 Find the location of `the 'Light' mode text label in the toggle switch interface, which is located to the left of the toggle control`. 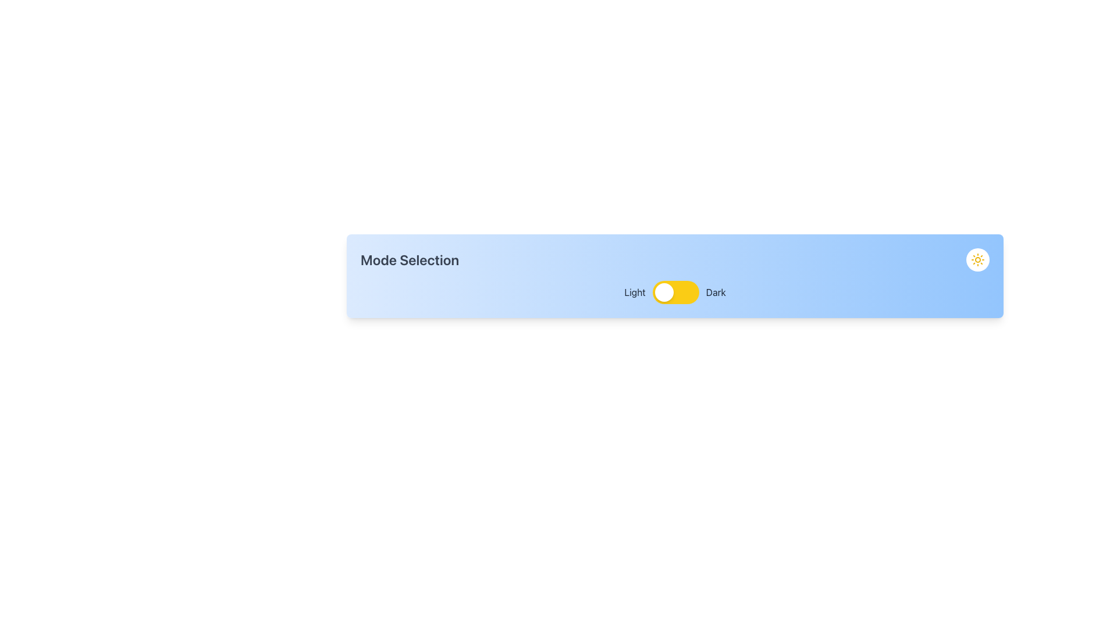

the 'Light' mode text label in the toggle switch interface, which is located to the left of the toggle control is located at coordinates (634, 291).